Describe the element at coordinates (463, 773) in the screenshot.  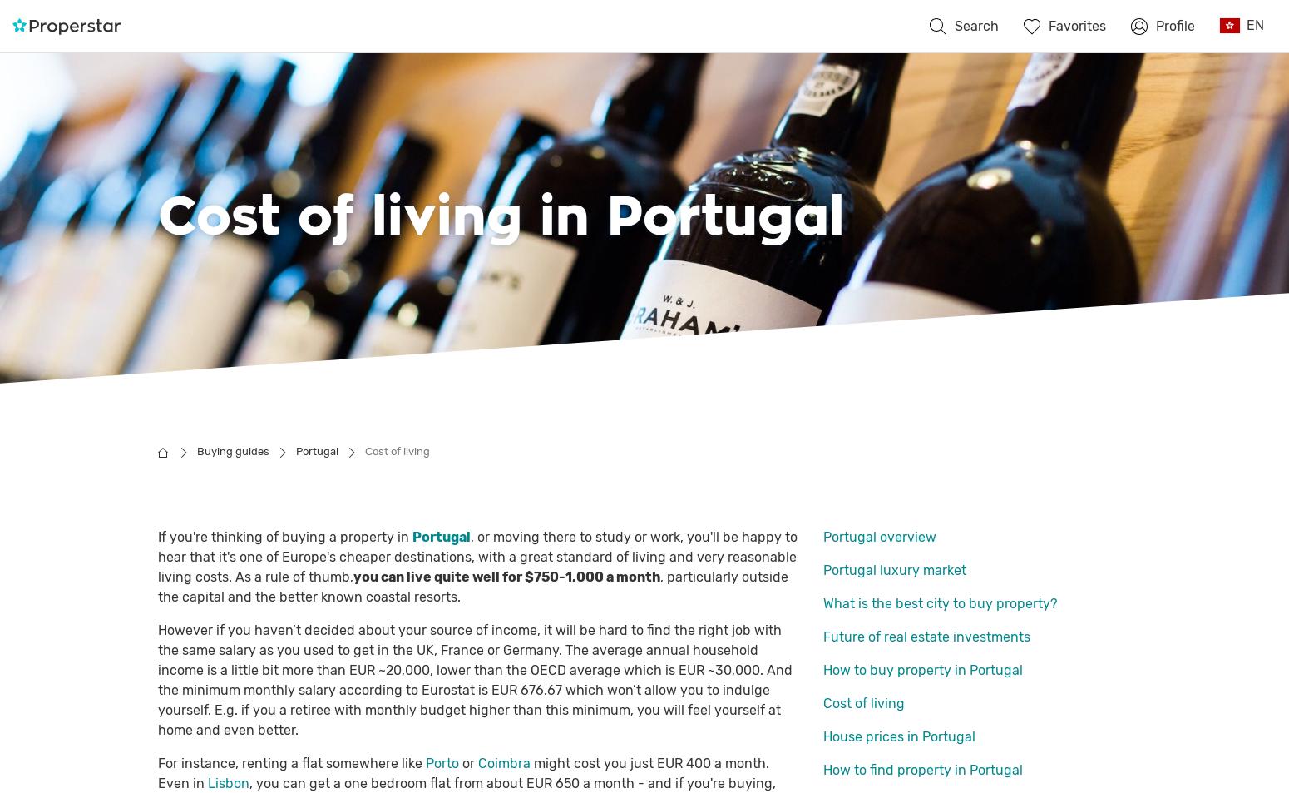
I see `'might cost you just EUR 400 a month. Even in'` at that location.